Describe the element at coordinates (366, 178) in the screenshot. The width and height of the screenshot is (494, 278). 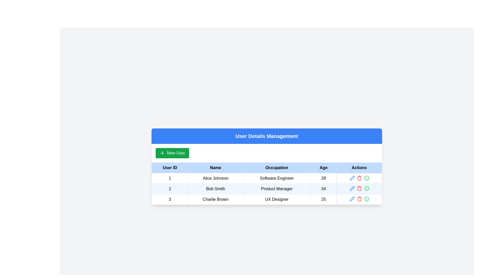
I see `the informational button located at the rightmost position in the 'Actions' column of the third row in the table for UX Designer 'Charlie Brown'` at that location.